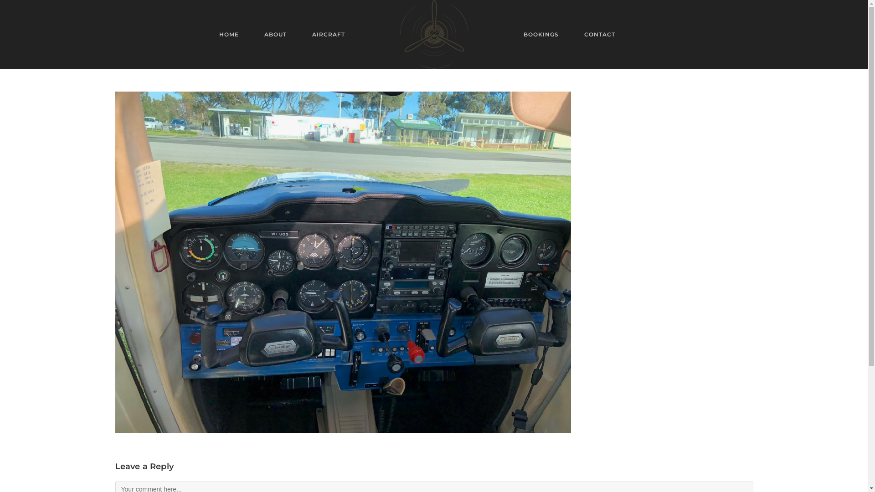 The width and height of the screenshot is (875, 492). I want to click on 'AIRCRAFT', so click(328, 34).